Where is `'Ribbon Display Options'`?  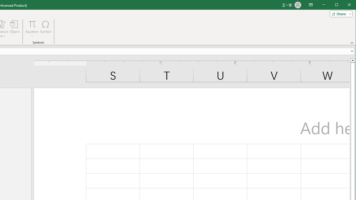
'Ribbon Display Options' is located at coordinates (310, 5).